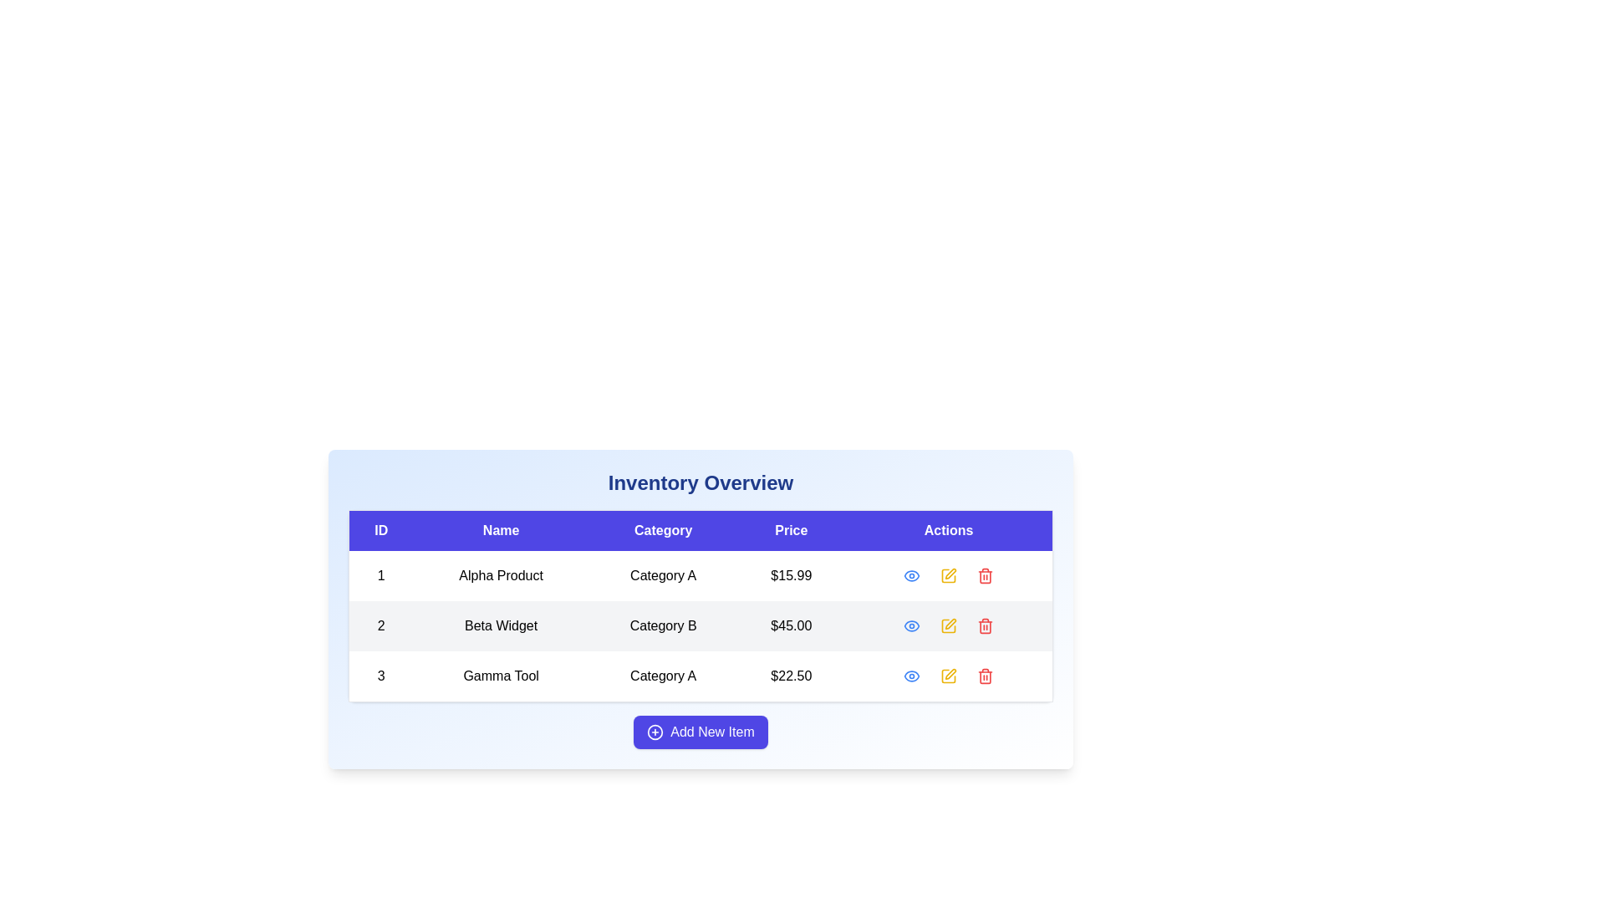 The width and height of the screenshot is (1605, 903). I want to click on the 'Beta Widget' label located in the second row under the 'Name' column of the table structure, so click(500, 625).